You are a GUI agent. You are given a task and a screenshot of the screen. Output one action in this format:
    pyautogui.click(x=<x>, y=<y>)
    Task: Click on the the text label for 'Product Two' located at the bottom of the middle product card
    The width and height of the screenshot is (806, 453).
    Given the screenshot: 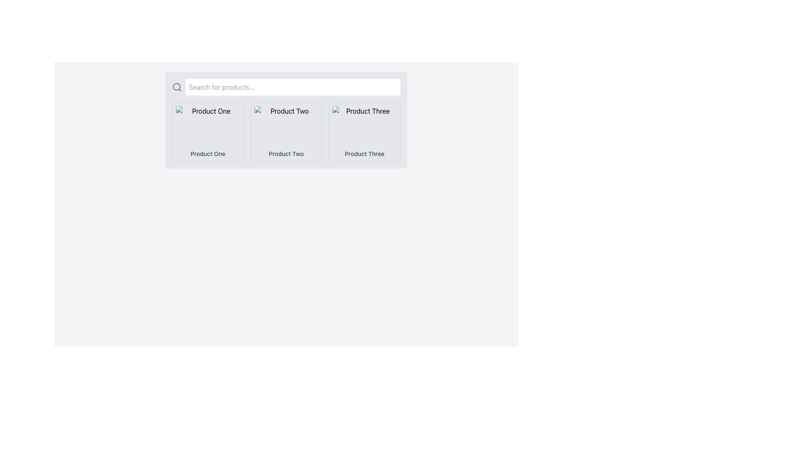 What is the action you would take?
    pyautogui.click(x=286, y=154)
    